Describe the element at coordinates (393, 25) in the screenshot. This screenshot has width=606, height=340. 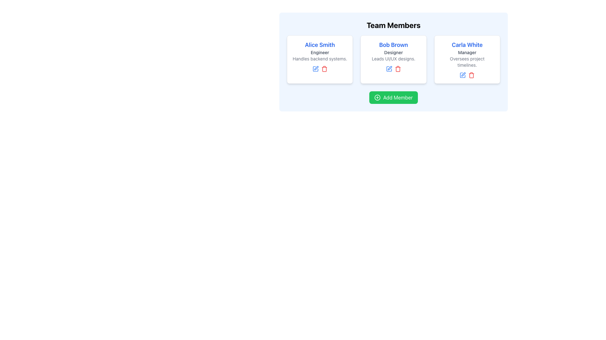
I see `the Text Label that serves as a title or heading indicating the purpose of the section beneath it, which relates to team members` at that location.